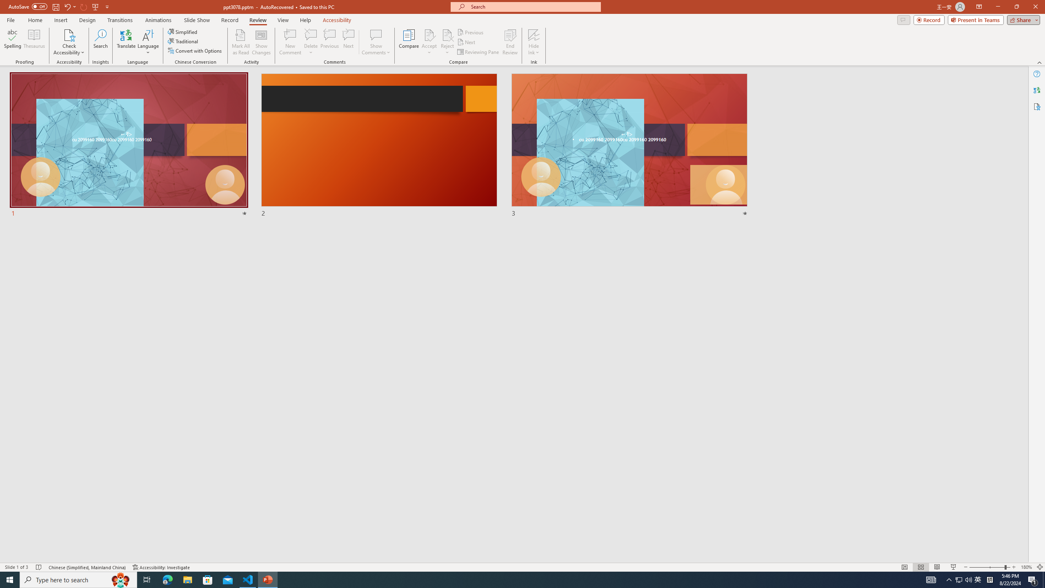 Image resolution: width=1045 pixels, height=588 pixels. Describe the element at coordinates (4, 4) in the screenshot. I see `'System'` at that location.